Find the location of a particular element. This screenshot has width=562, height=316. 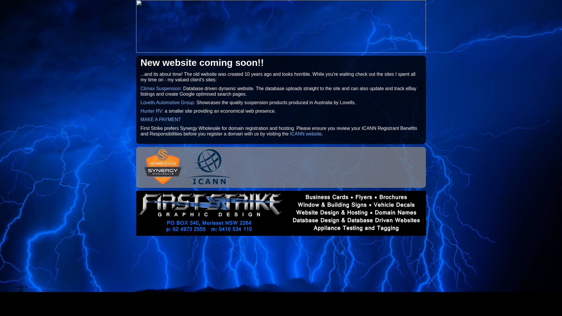

'MAKE A PAYMENT' is located at coordinates (160, 119).